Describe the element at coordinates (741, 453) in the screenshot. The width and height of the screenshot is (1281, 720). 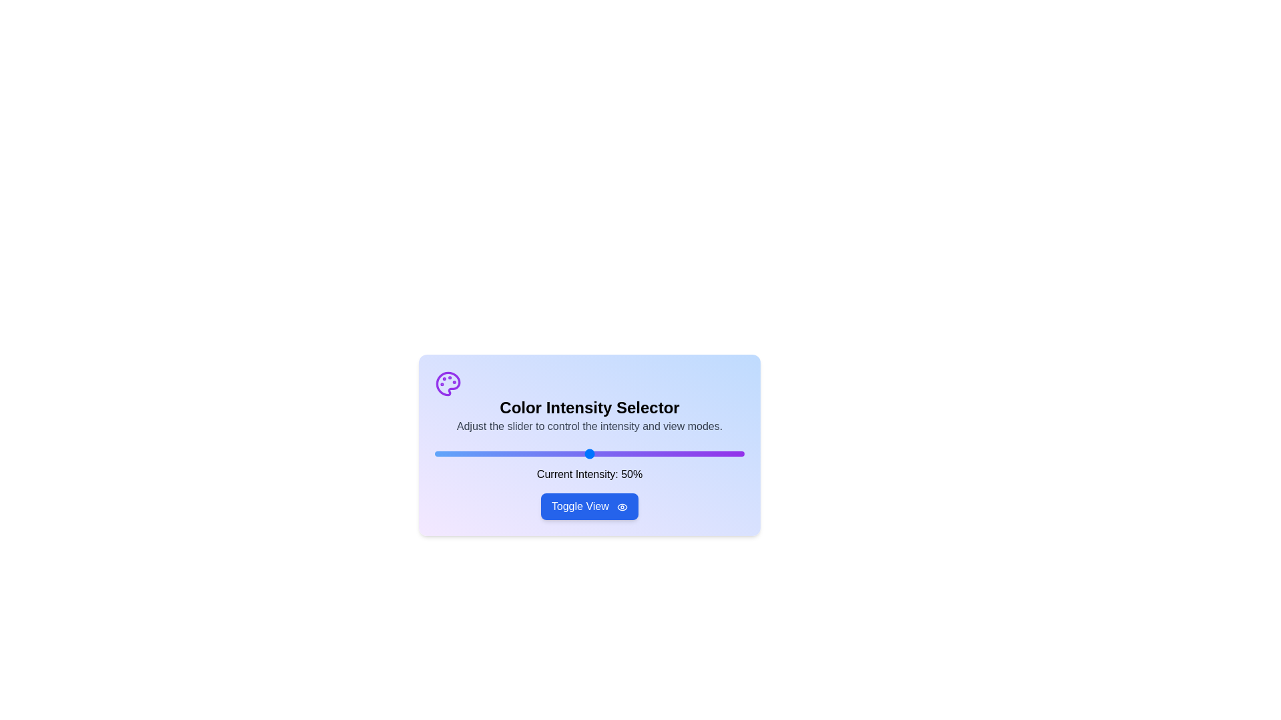
I see `the slider to set the intensity to 99%` at that location.